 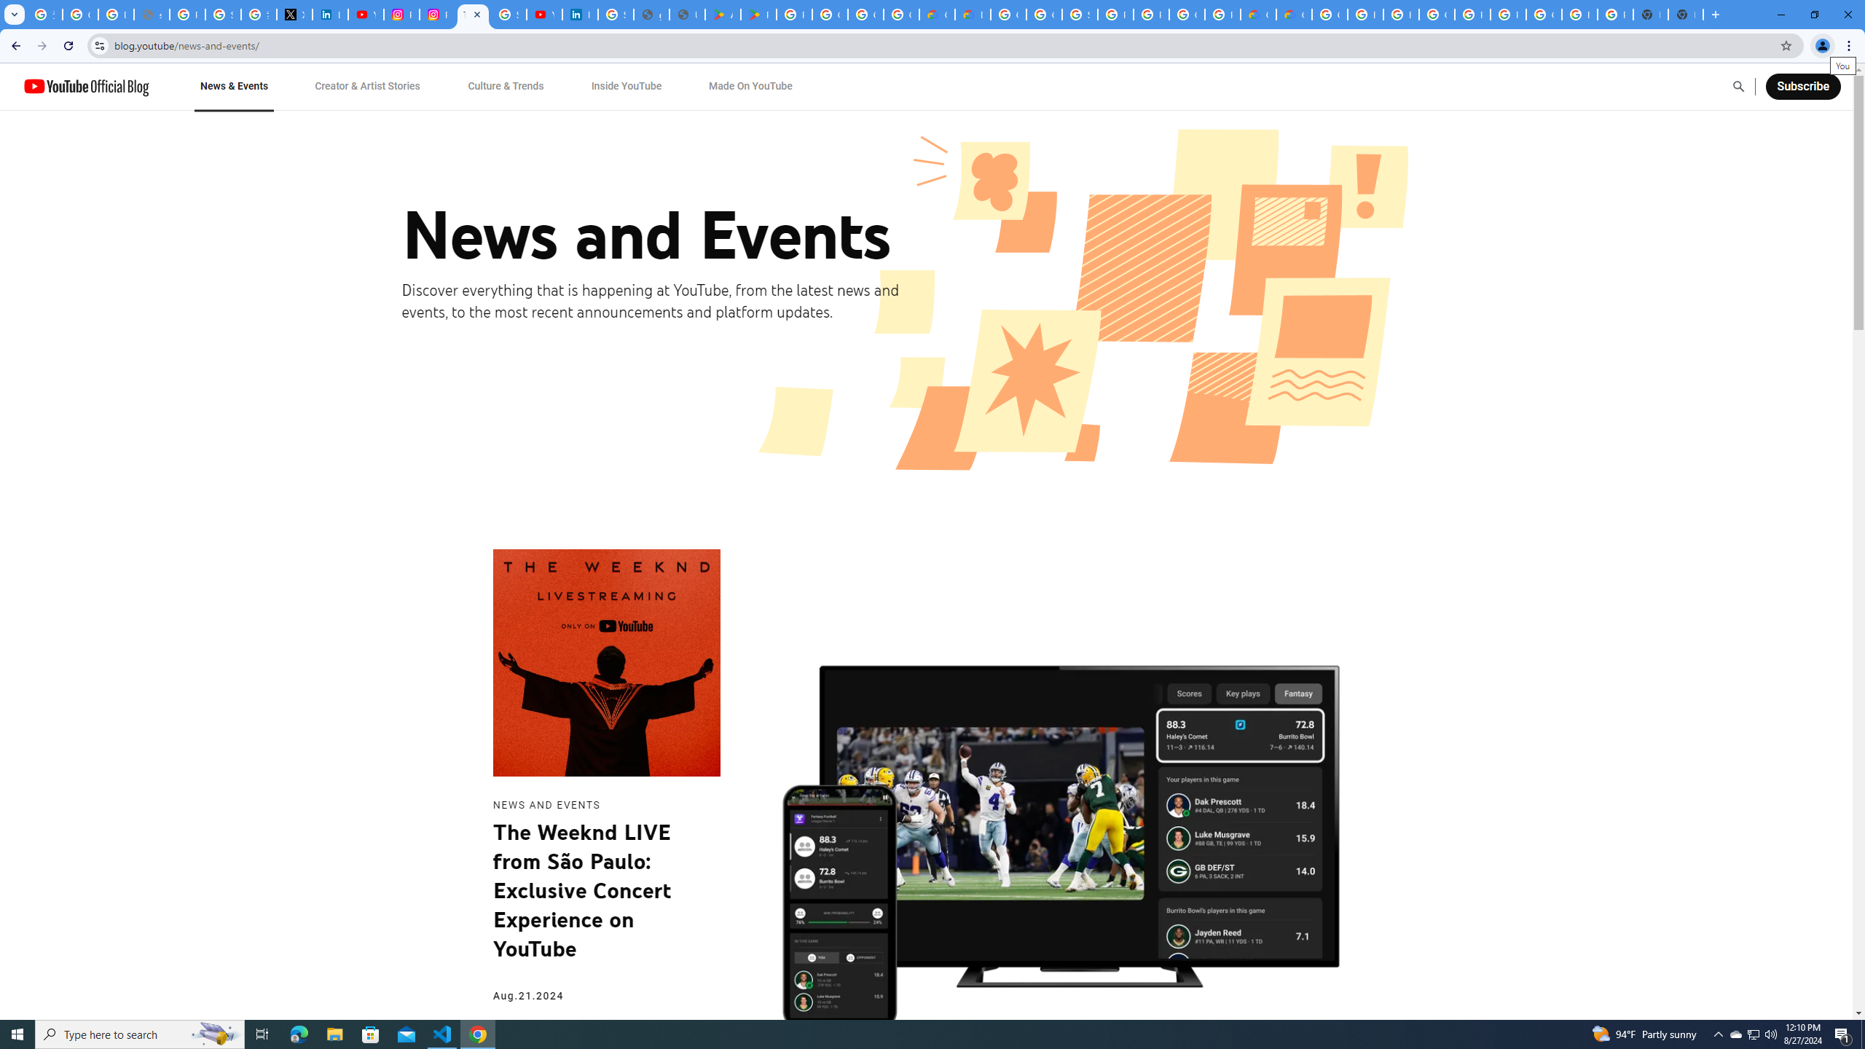 I want to click on 'Browse Chrome as a guest - Computer - Google Chrome Help', so click(x=1364, y=14).